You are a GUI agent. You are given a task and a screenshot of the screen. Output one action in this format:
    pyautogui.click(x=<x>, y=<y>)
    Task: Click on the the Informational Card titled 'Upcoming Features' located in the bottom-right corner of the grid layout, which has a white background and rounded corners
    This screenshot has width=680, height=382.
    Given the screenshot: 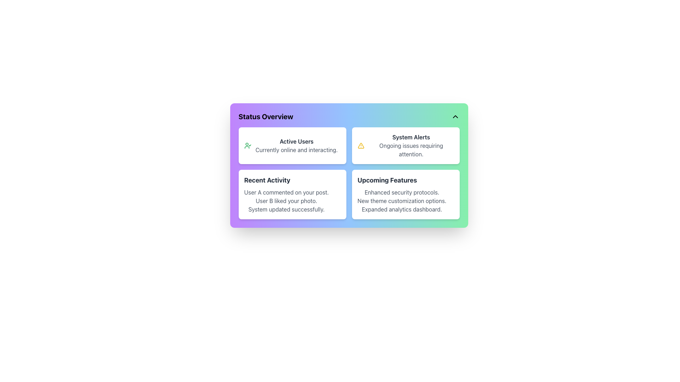 What is the action you would take?
    pyautogui.click(x=406, y=195)
    